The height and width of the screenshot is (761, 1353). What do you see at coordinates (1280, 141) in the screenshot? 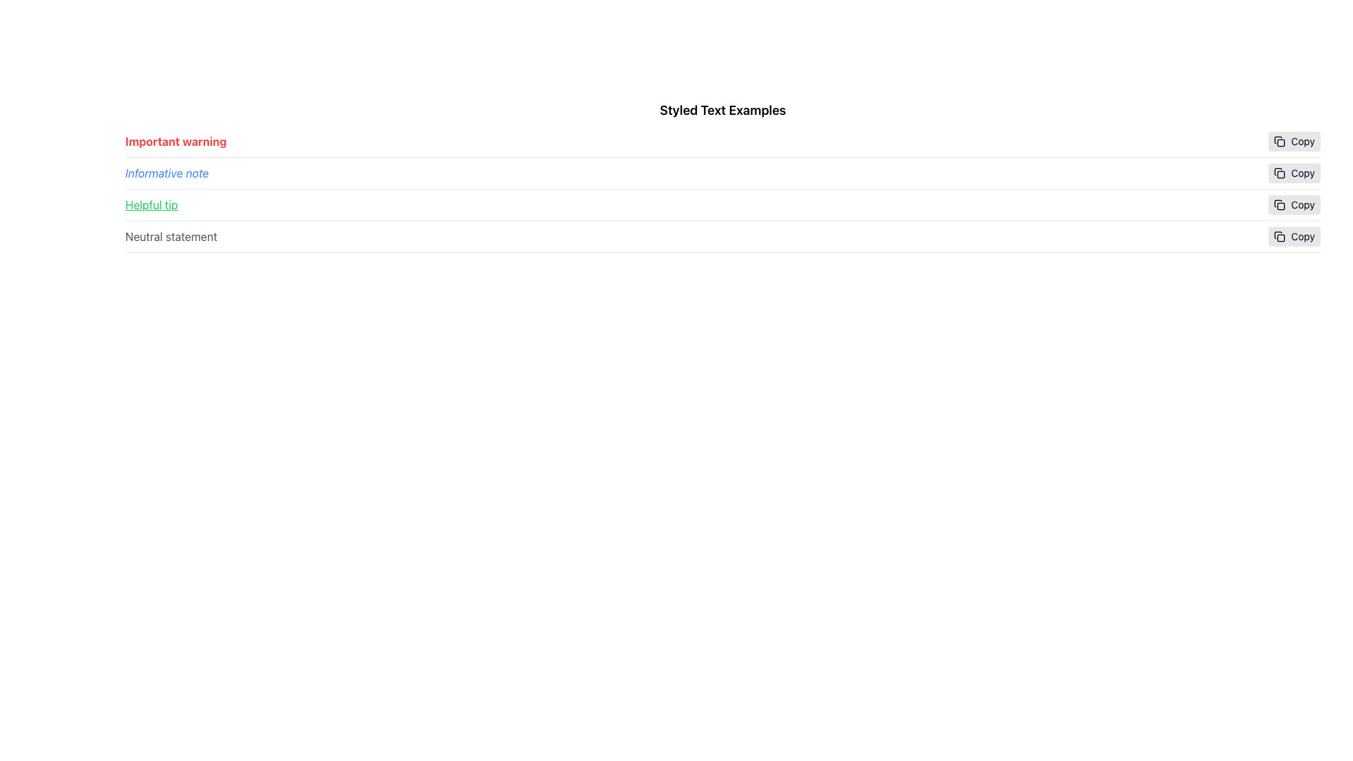
I see `the 'Copy' icon located to the left of the 'Copy' text in the button group, which is positioned to the right of the first row of text labeled 'Important warning'` at bounding box center [1280, 141].